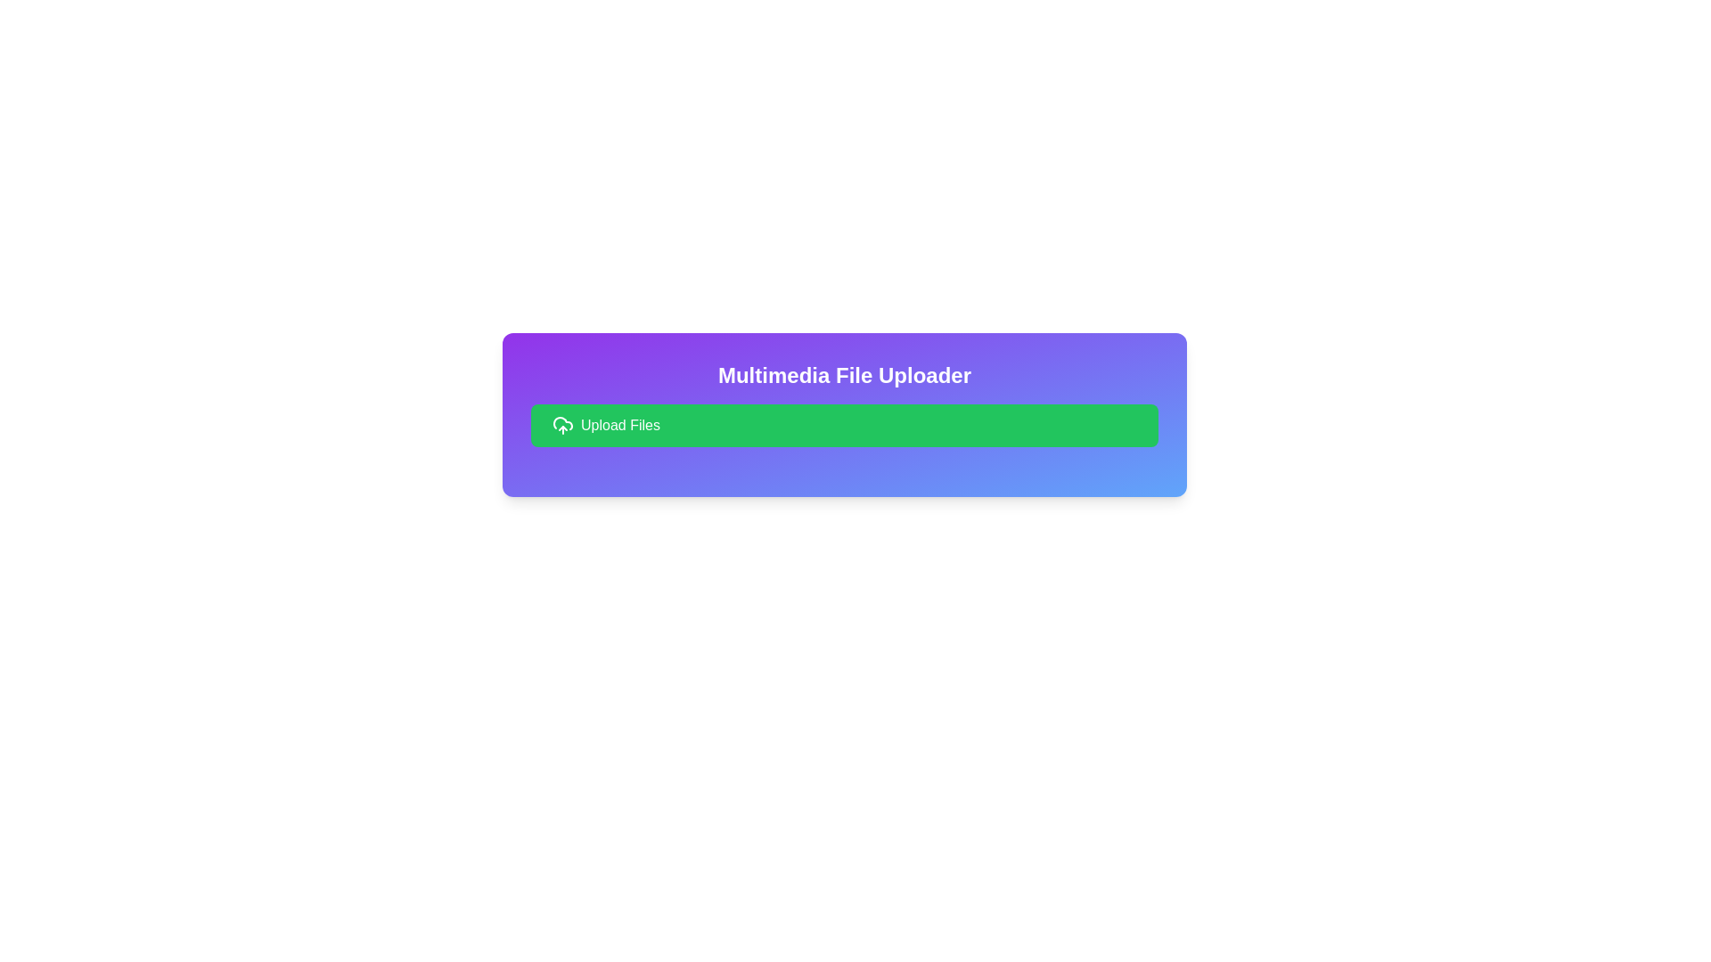  What do you see at coordinates (620, 426) in the screenshot?
I see `the 'Upload Files' button, which features bold white text on a vibrant green background` at bounding box center [620, 426].